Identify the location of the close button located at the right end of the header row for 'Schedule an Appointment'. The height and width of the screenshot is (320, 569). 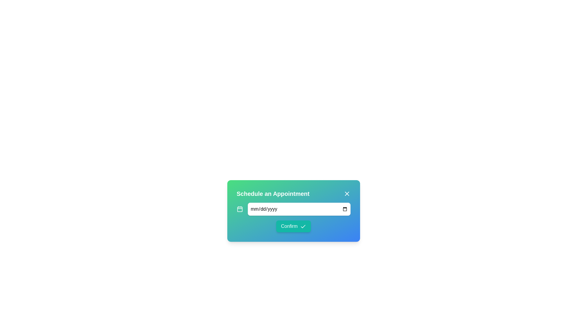
(347, 194).